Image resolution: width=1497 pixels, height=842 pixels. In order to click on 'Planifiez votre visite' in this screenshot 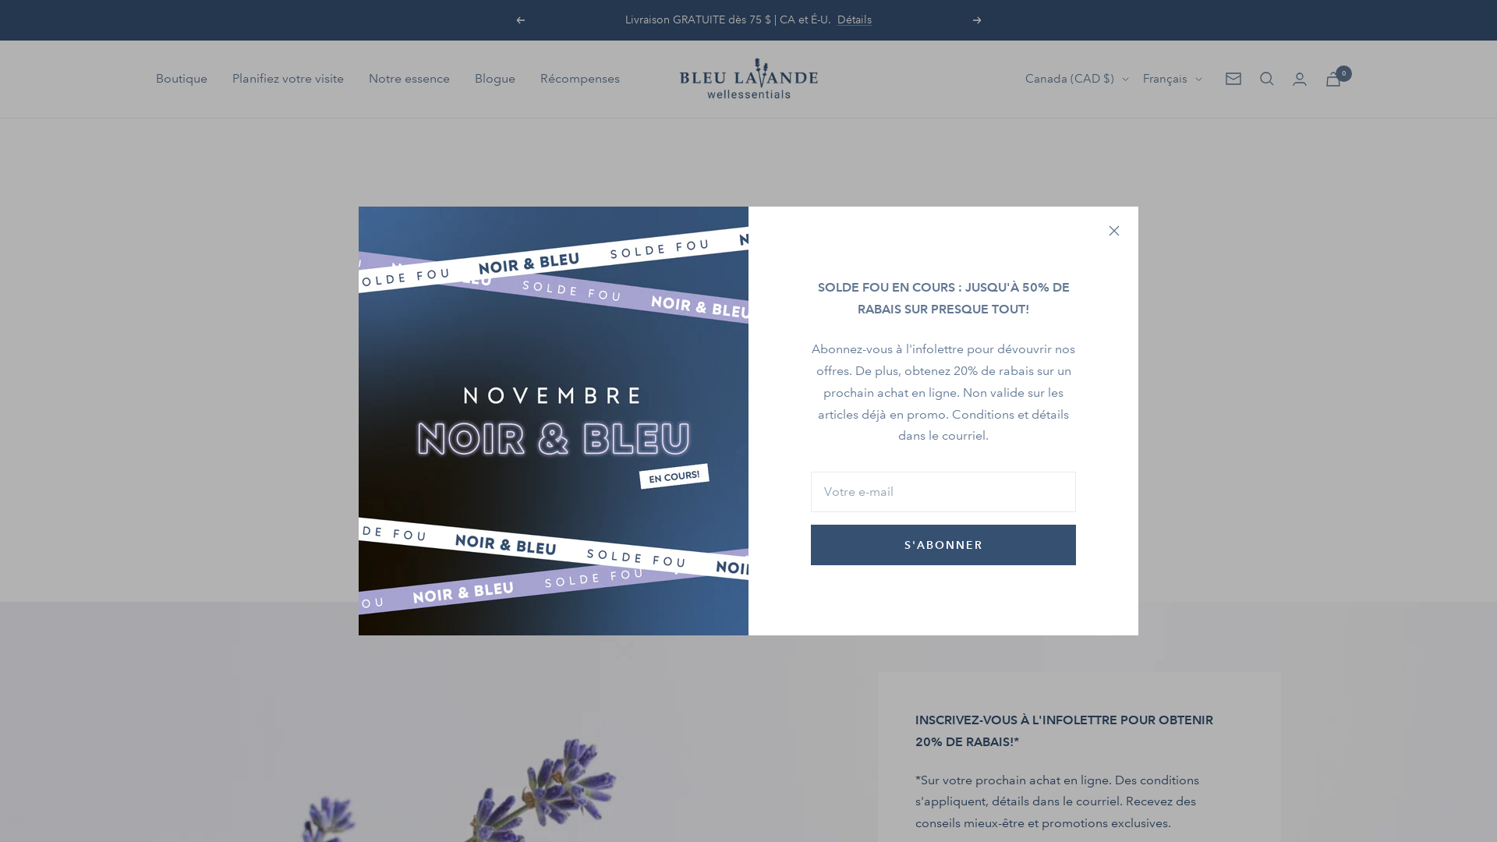, I will do `click(288, 78)`.